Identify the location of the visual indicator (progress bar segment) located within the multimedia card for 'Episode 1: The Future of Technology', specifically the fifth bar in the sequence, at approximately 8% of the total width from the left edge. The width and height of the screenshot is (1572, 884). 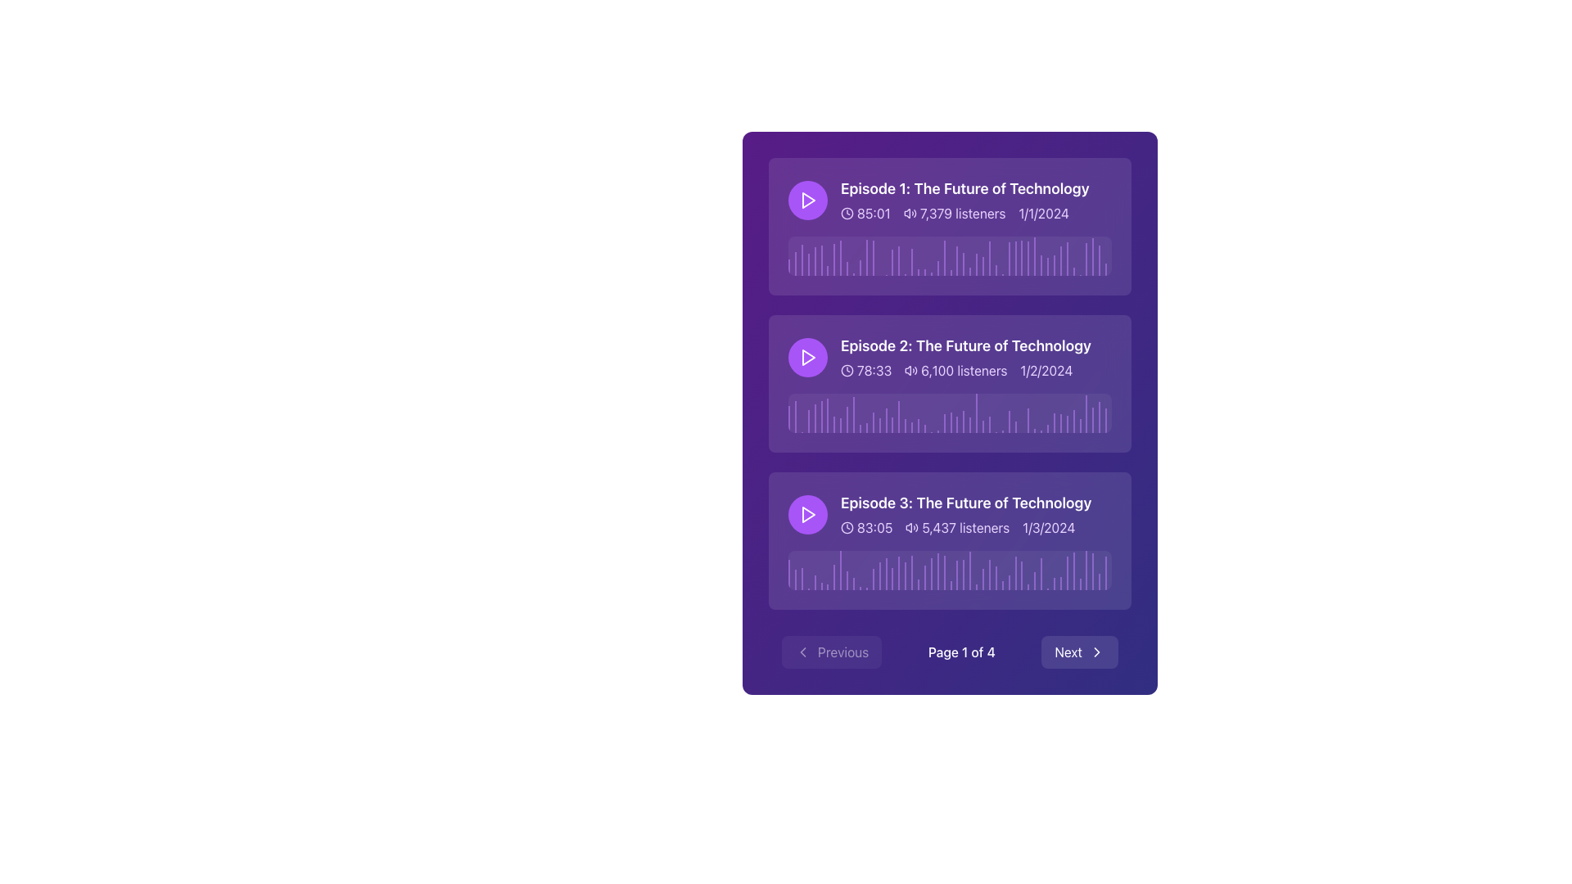
(815, 260).